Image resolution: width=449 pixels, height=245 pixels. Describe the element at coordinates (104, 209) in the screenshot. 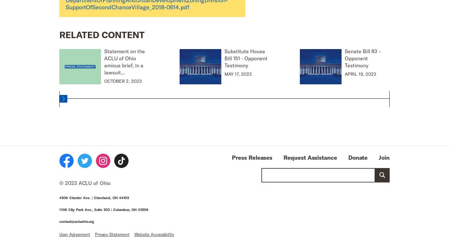

I see `'1108 City Park Ave., Suite 203 | Columbus, OH 43206'` at that location.